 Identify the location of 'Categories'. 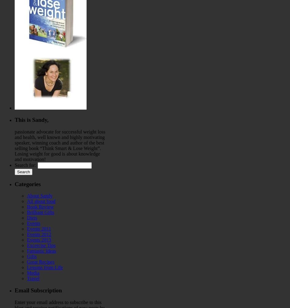
(14, 184).